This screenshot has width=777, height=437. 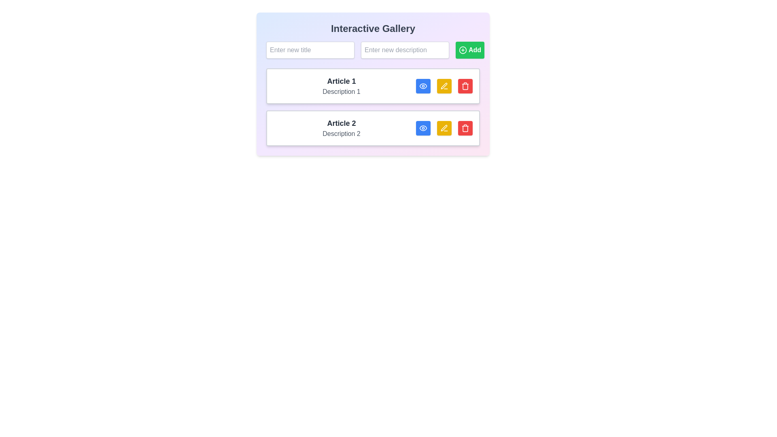 I want to click on to select the text in the text display area that shows the title and description of the second article in the list, so click(x=342, y=127).